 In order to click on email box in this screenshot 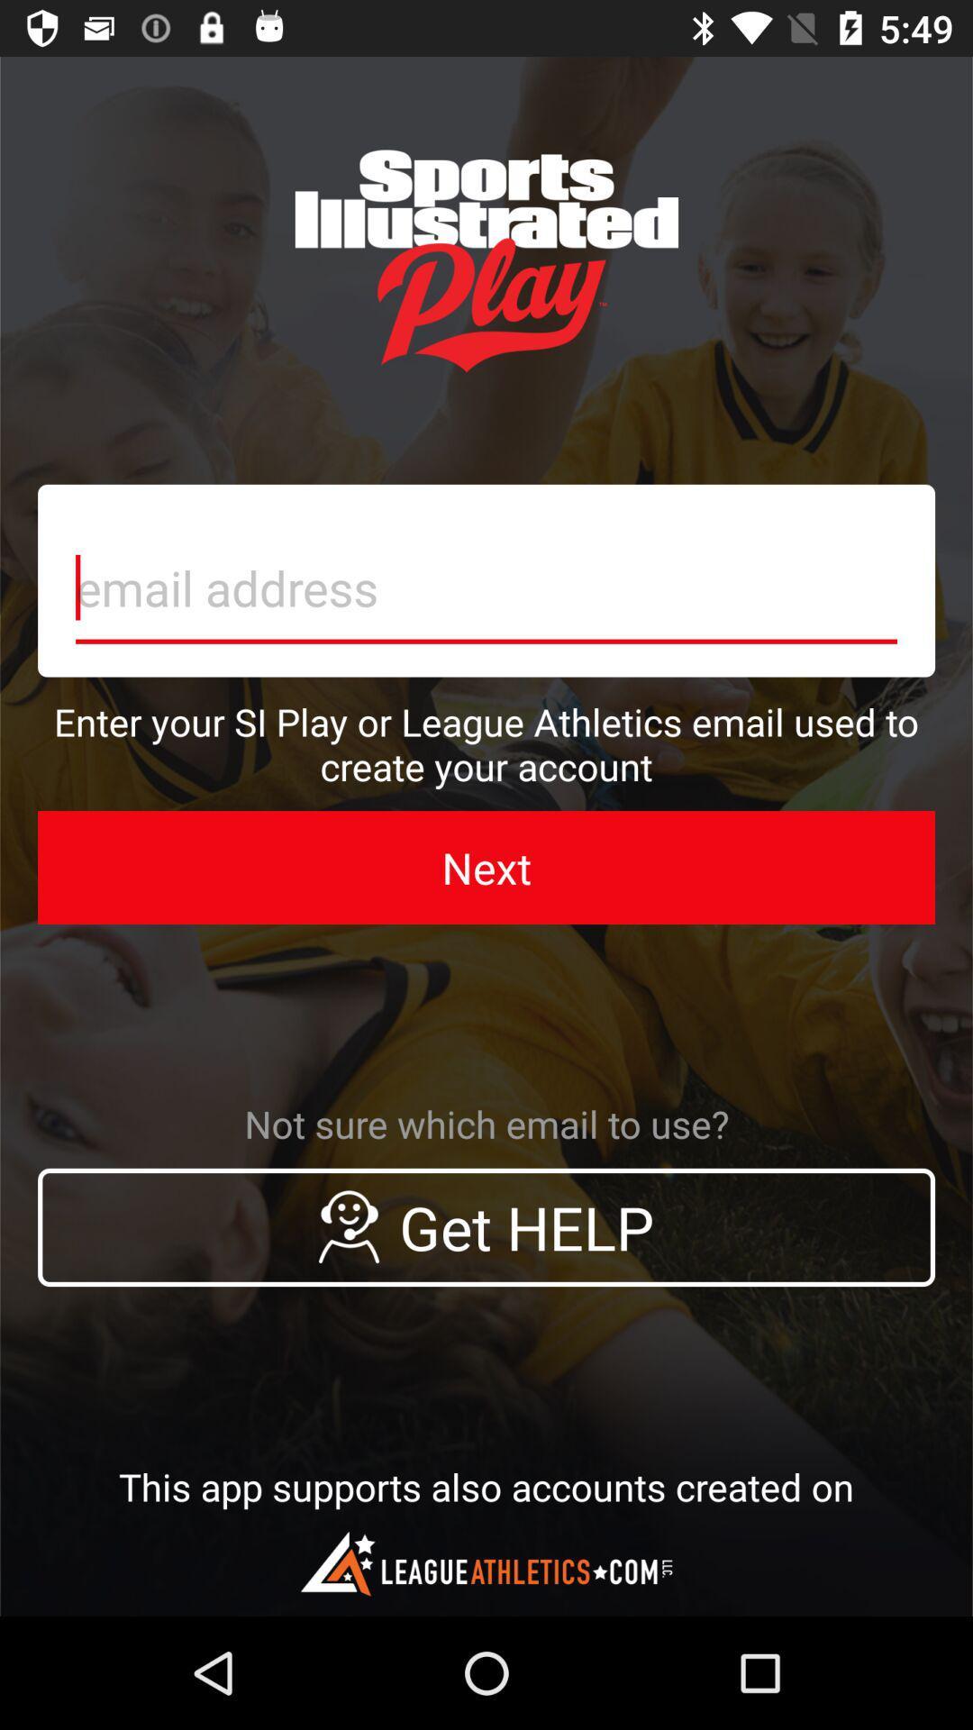, I will do `click(486, 580)`.